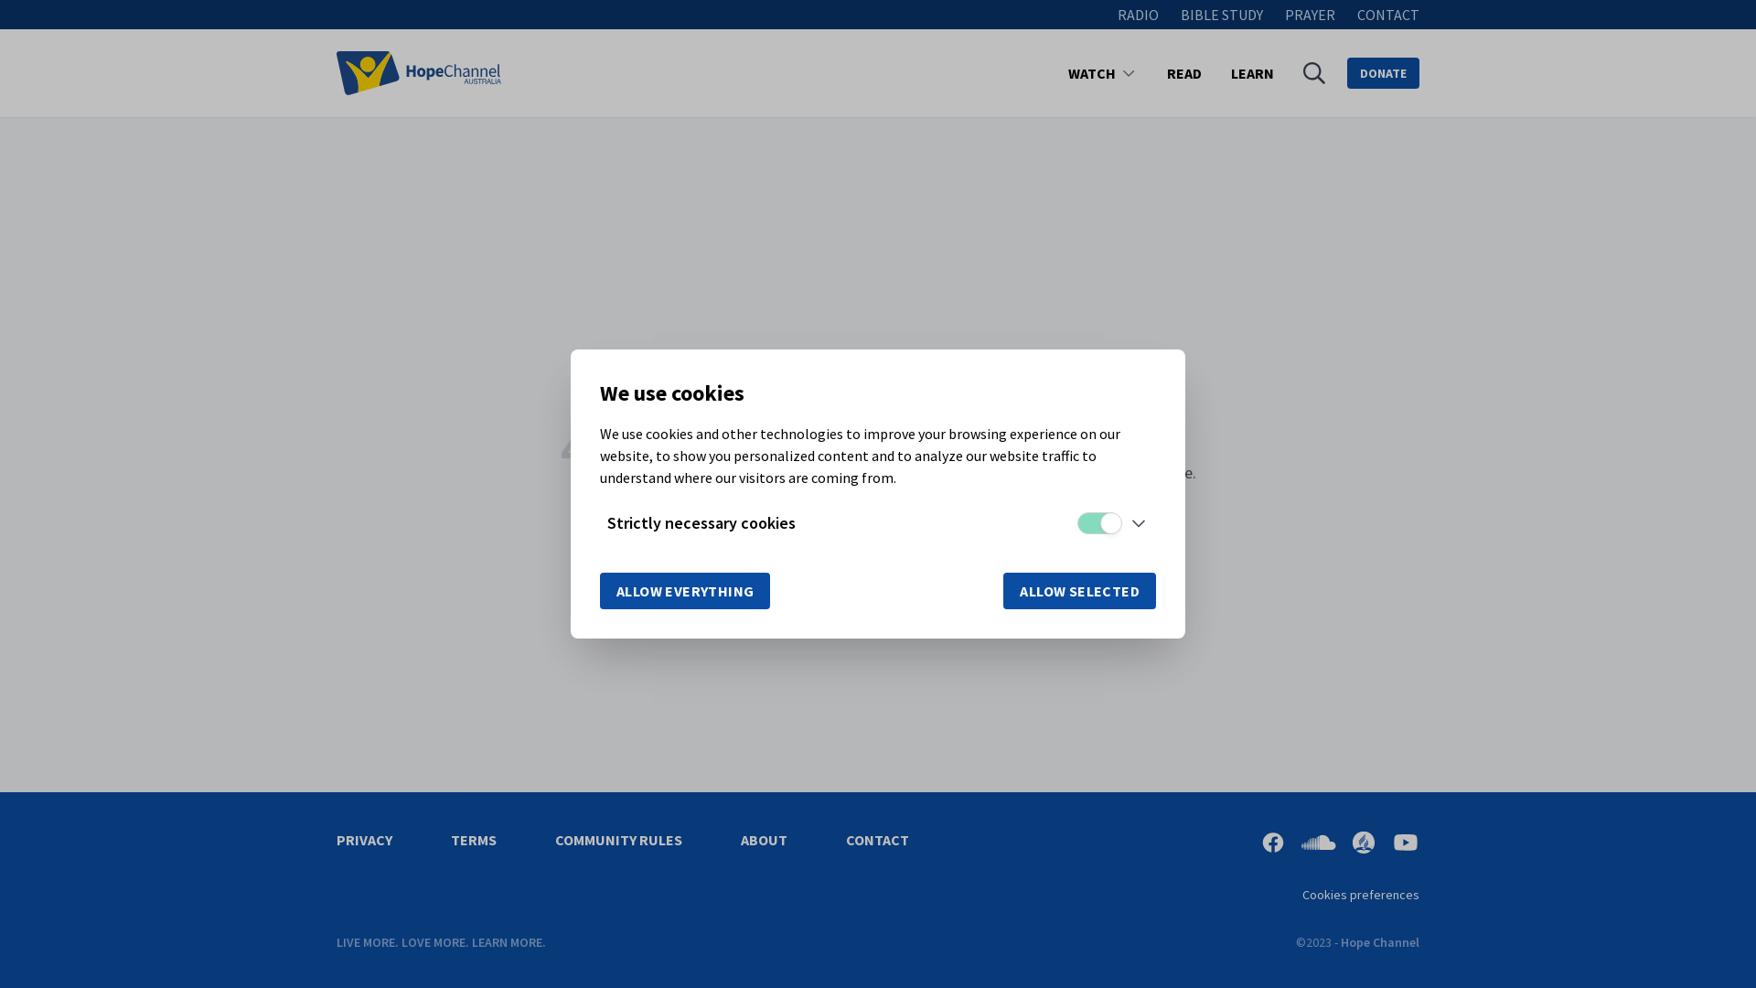 Image resolution: width=1756 pixels, height=988 pixels. I want to click on 'LEARN', so click(1251, 72).